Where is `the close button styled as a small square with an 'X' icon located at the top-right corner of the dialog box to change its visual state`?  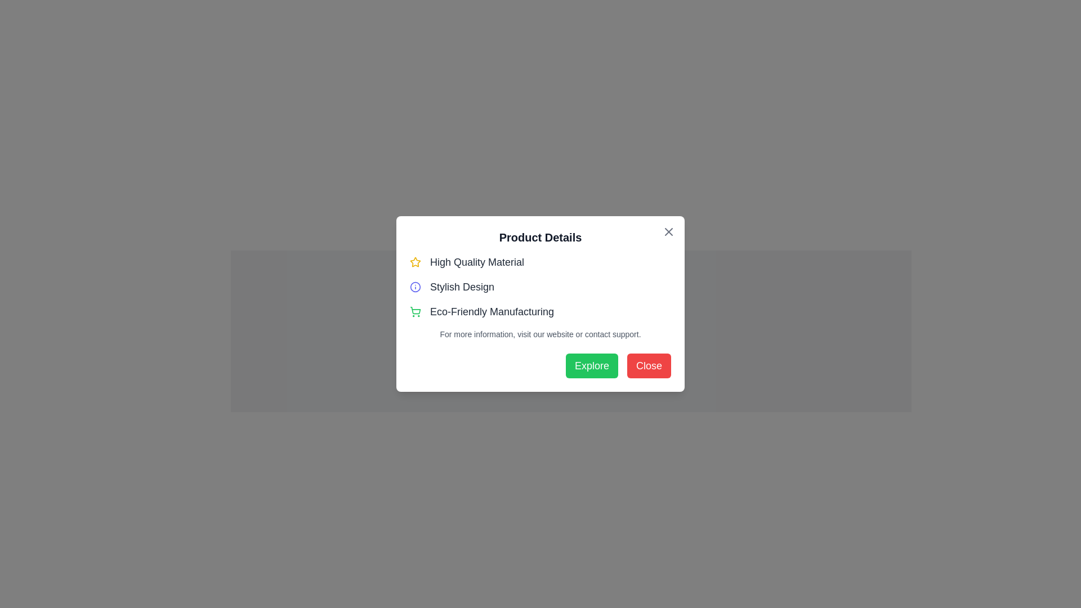 the close button styled as a small square with an 'X' icon located at the top-right corner of the dialog box to change its visual state is located at coordinates (669, 231).